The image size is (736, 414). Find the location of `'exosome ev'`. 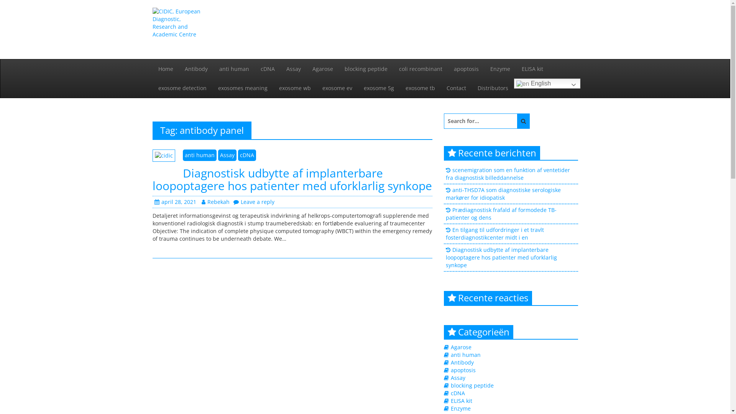

'exosome ev' is located at coordinates (337, 88).